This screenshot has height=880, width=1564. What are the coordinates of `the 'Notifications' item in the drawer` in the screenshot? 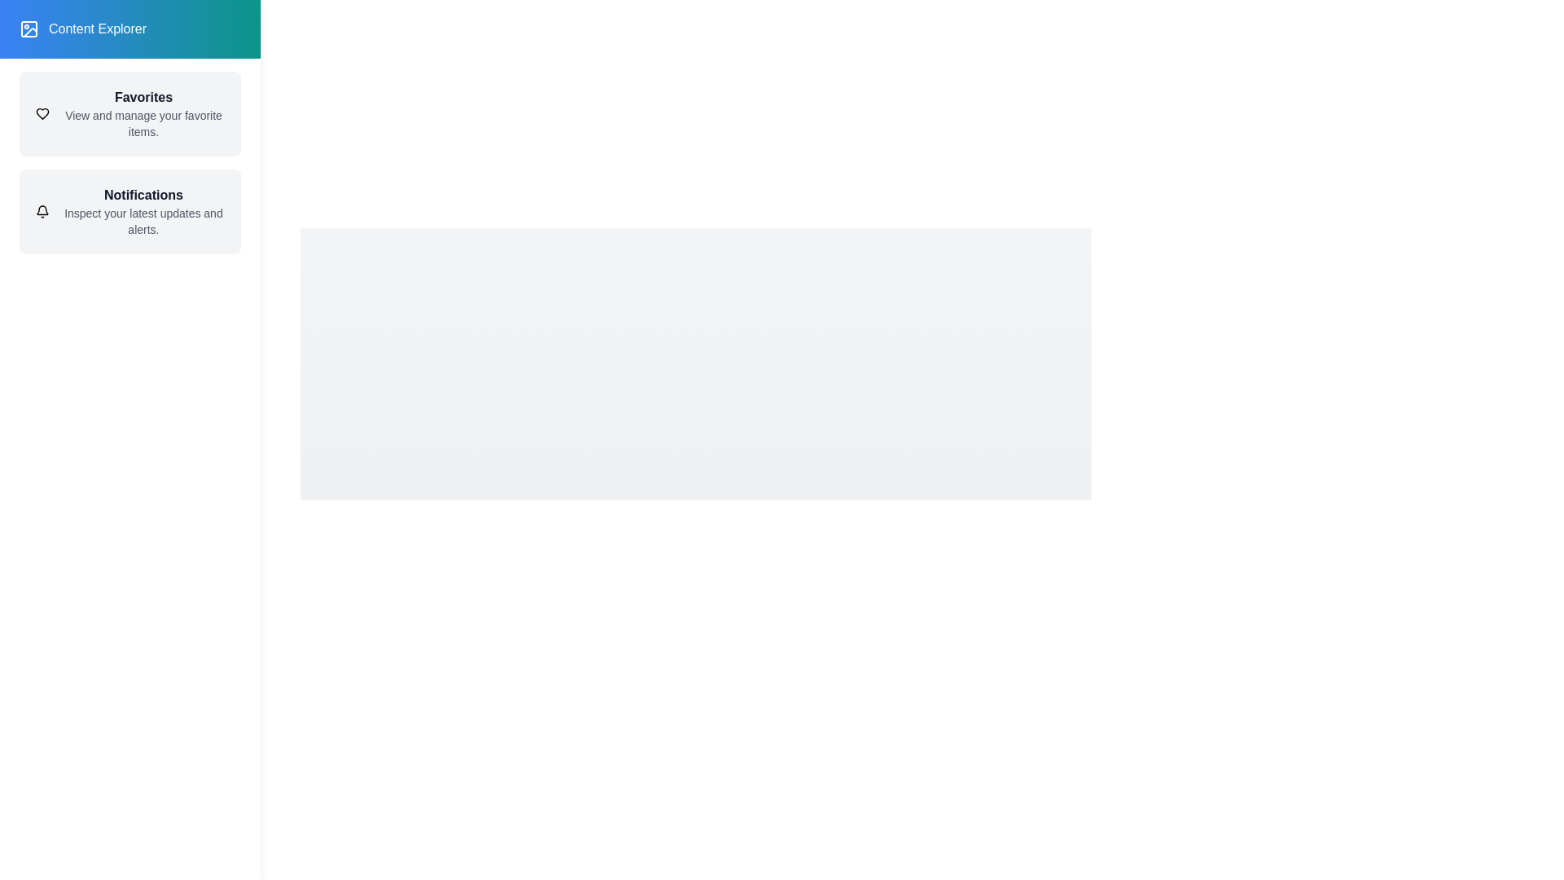 It's located at (129, 210).